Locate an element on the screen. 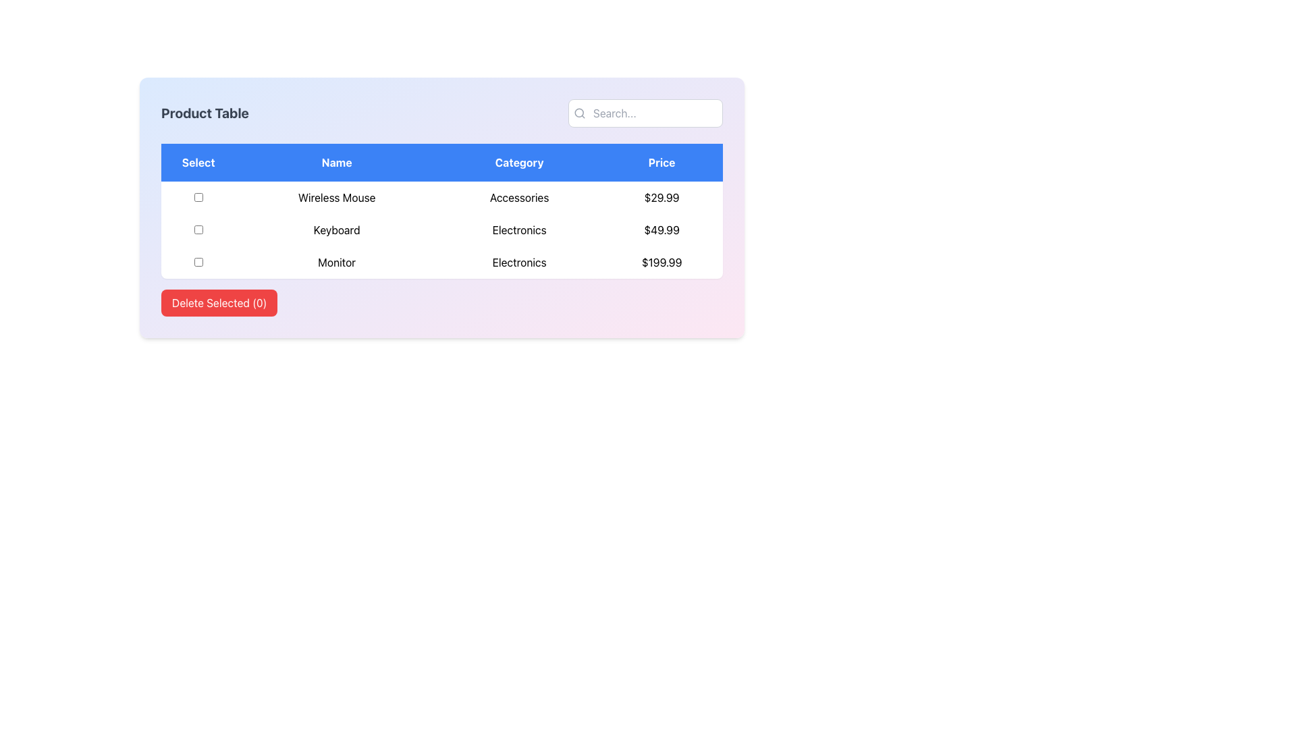  the action button located in the bottom-left corner of the product table panel to initiate the deletion process for selected items is located at coordinates (219, 302).